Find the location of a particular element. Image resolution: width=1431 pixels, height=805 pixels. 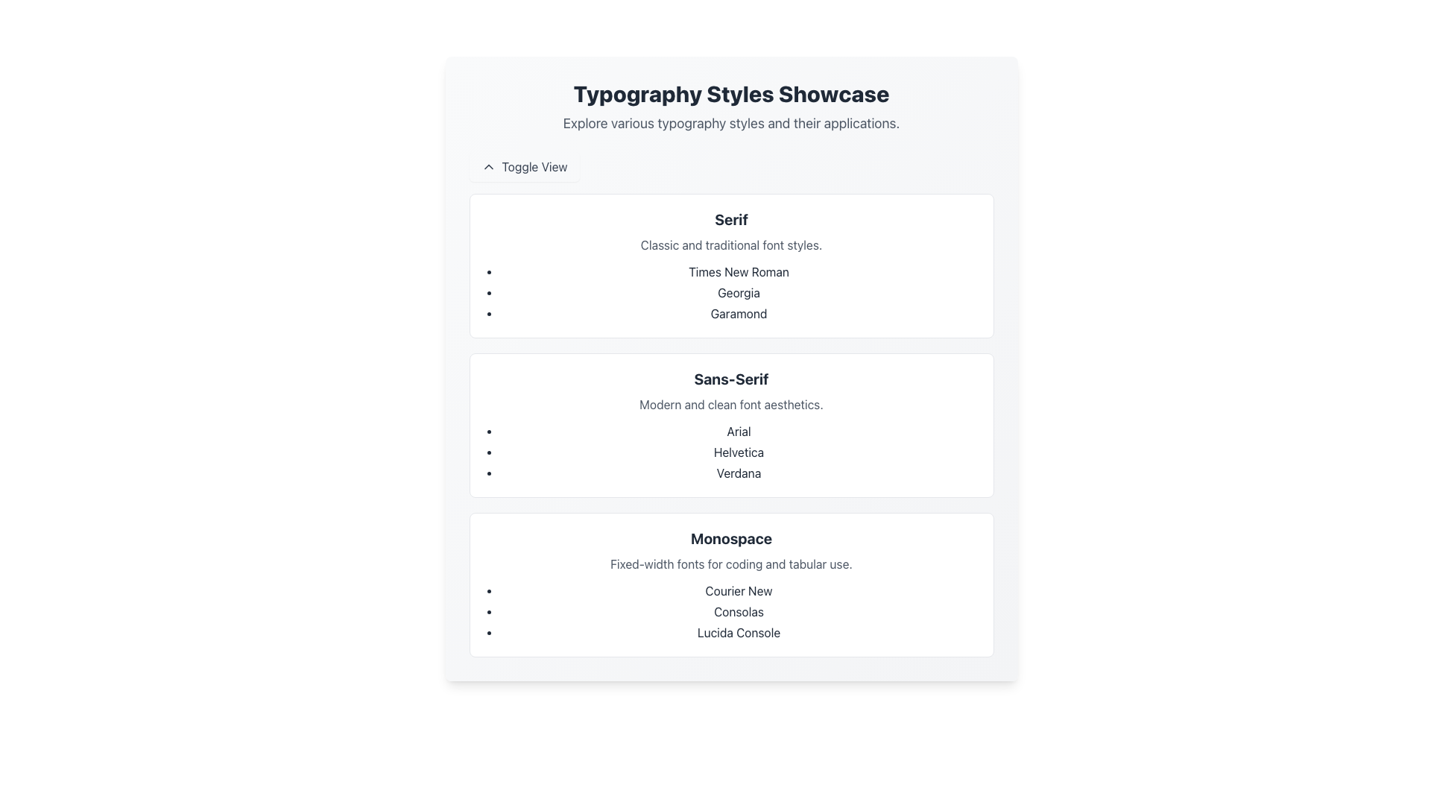

text label displaying 'Times New Roman' which is the first item in the 'Serif' section of the typography styles list is located at coordinates (739, 272).